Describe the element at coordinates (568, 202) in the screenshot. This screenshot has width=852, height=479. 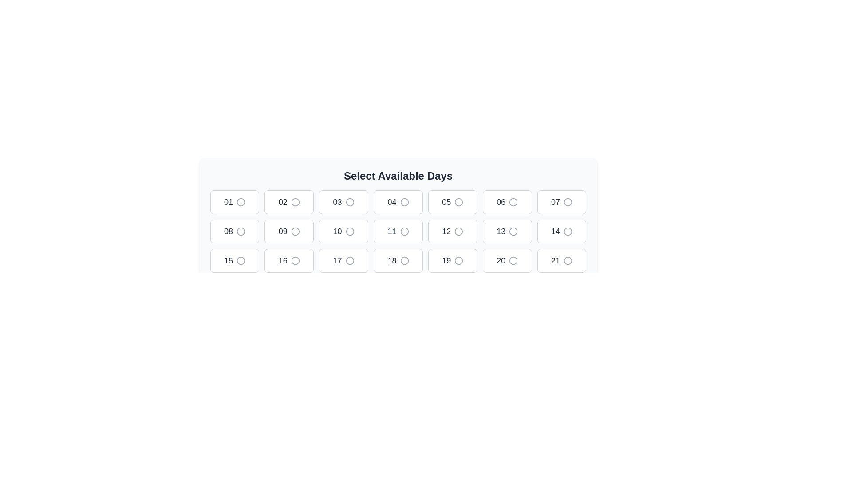
I see `the icon in the first row, seventh column under 'Select Available Days'` at that location.